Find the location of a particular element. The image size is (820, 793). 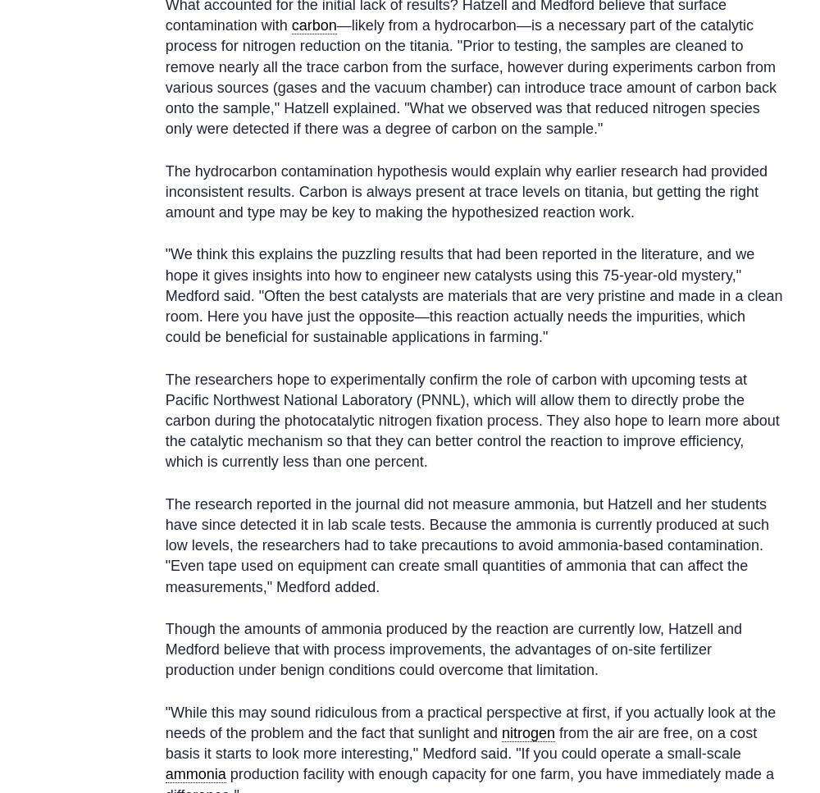

'The research reported in the journal did not measure ammonia, but Hatzell and her students have since detected it in lab scale tests. Because the ammonia is currently produced at such low levels, the researchers had to take precautions to avoid ammonia-based contamination. "Even tape used on equipment can create small quantities of ammonia that can affect the measurements," Medford added.' is located at coordinates (466, 544).